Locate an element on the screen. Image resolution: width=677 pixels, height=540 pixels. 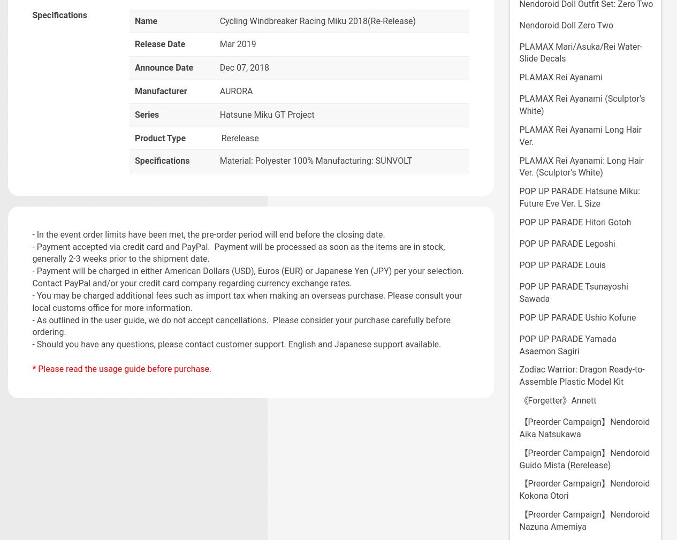
'《Forgetter》Annett' is located at coordinates (557, 400).